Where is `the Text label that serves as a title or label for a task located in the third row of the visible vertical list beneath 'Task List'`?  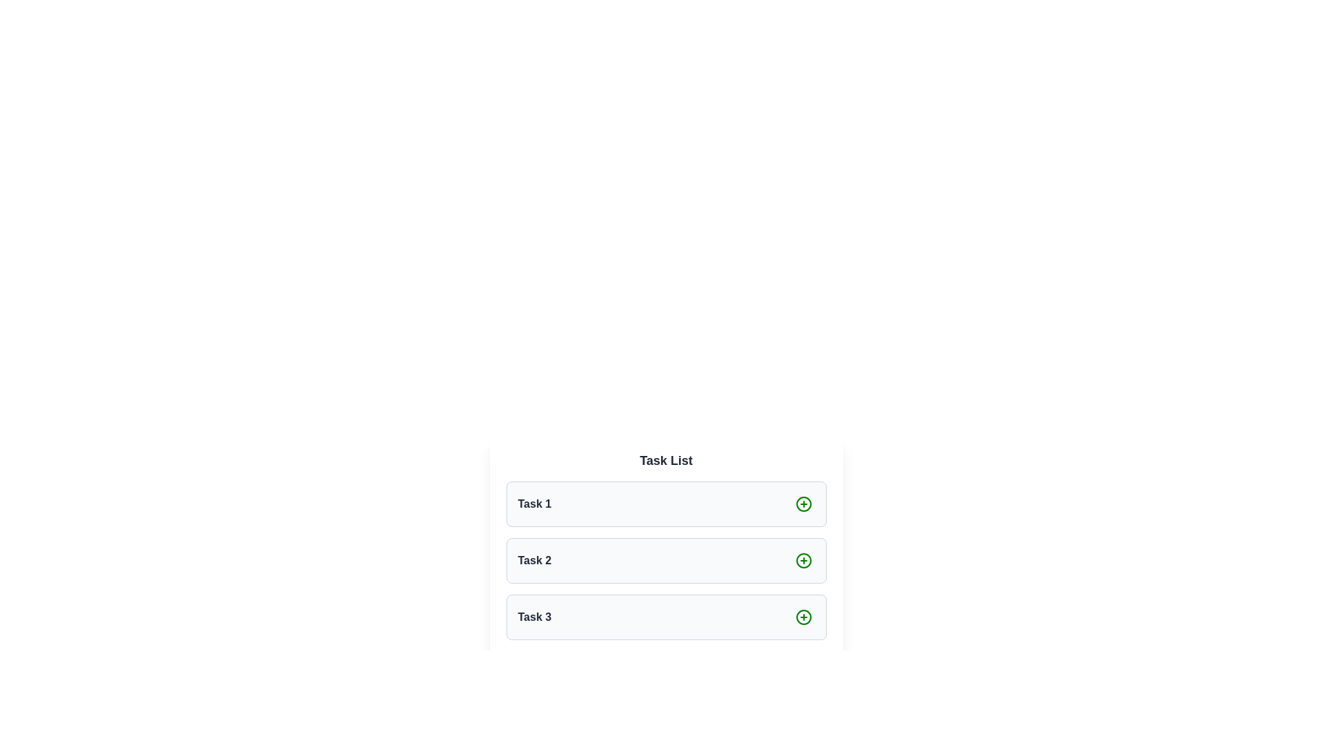 the Text label that serves as a title or label for a task located in the third row of the visible vertical list beneath 'Task List' is located at coordinates (533, 616).